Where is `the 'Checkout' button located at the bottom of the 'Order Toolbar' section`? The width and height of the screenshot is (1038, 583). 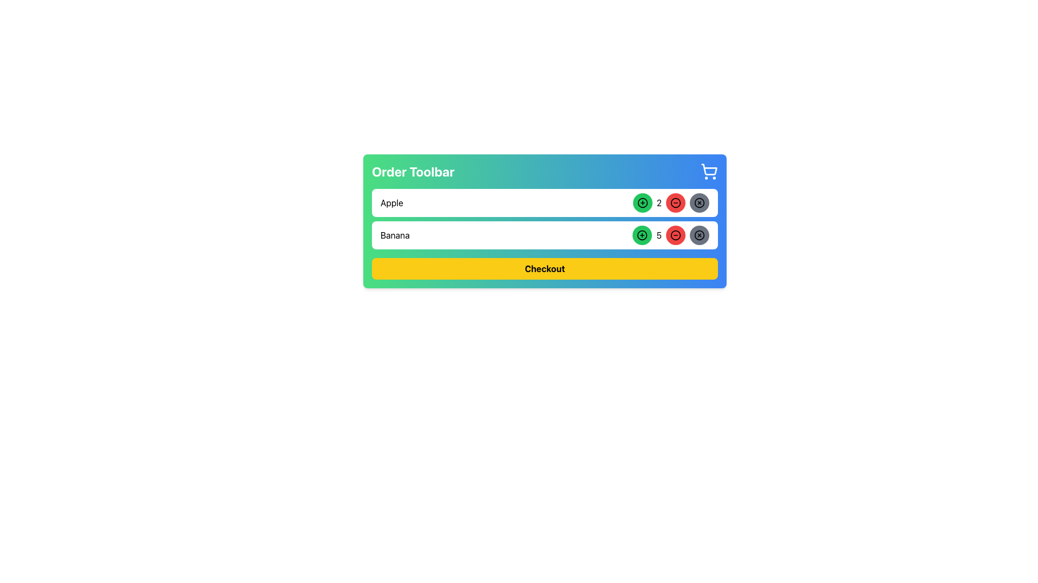
the 'Checkout' button located at the bottom of the 'Order Toolbar' section is located at coordinates (545, 268).